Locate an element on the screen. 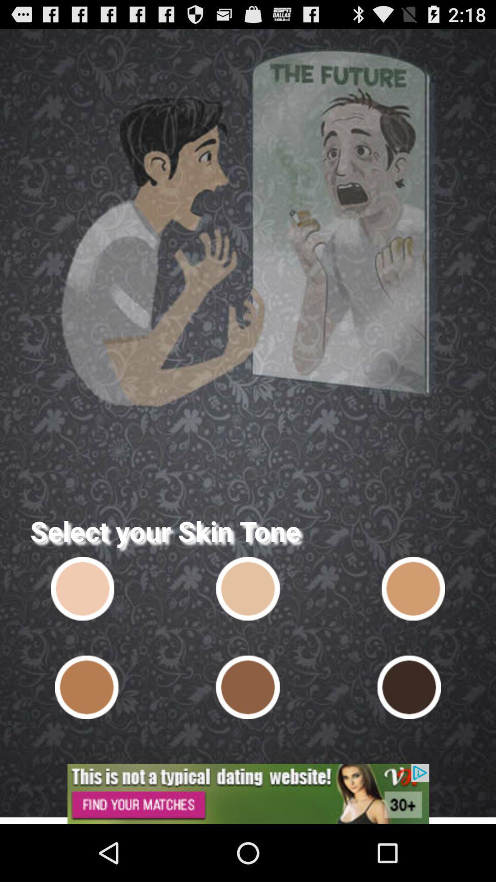 The height and width of the screenshot is (882, 496). open advertisement is located at coordinates (248, 793).